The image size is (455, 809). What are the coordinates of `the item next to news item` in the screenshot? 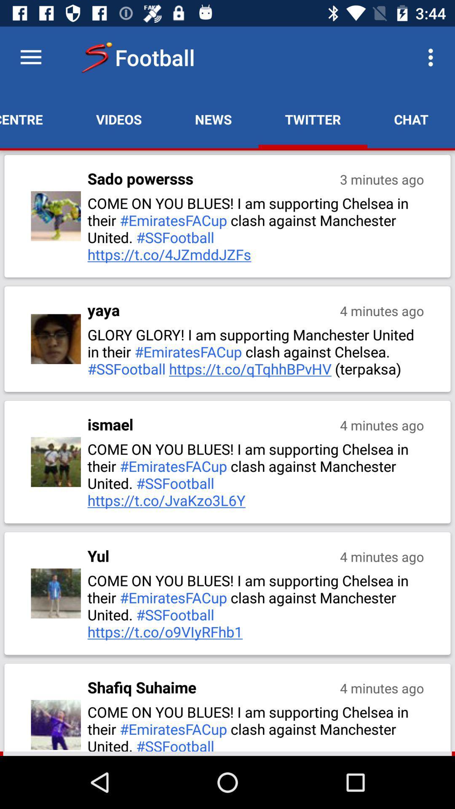 It's located at (313, 119).